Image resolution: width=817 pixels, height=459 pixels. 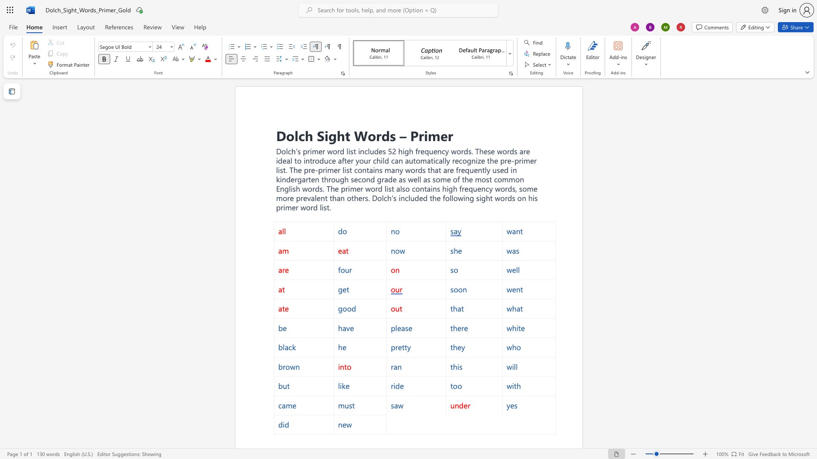 I want to click on the 3th character "d" in the text, so click(x=466, y=150).